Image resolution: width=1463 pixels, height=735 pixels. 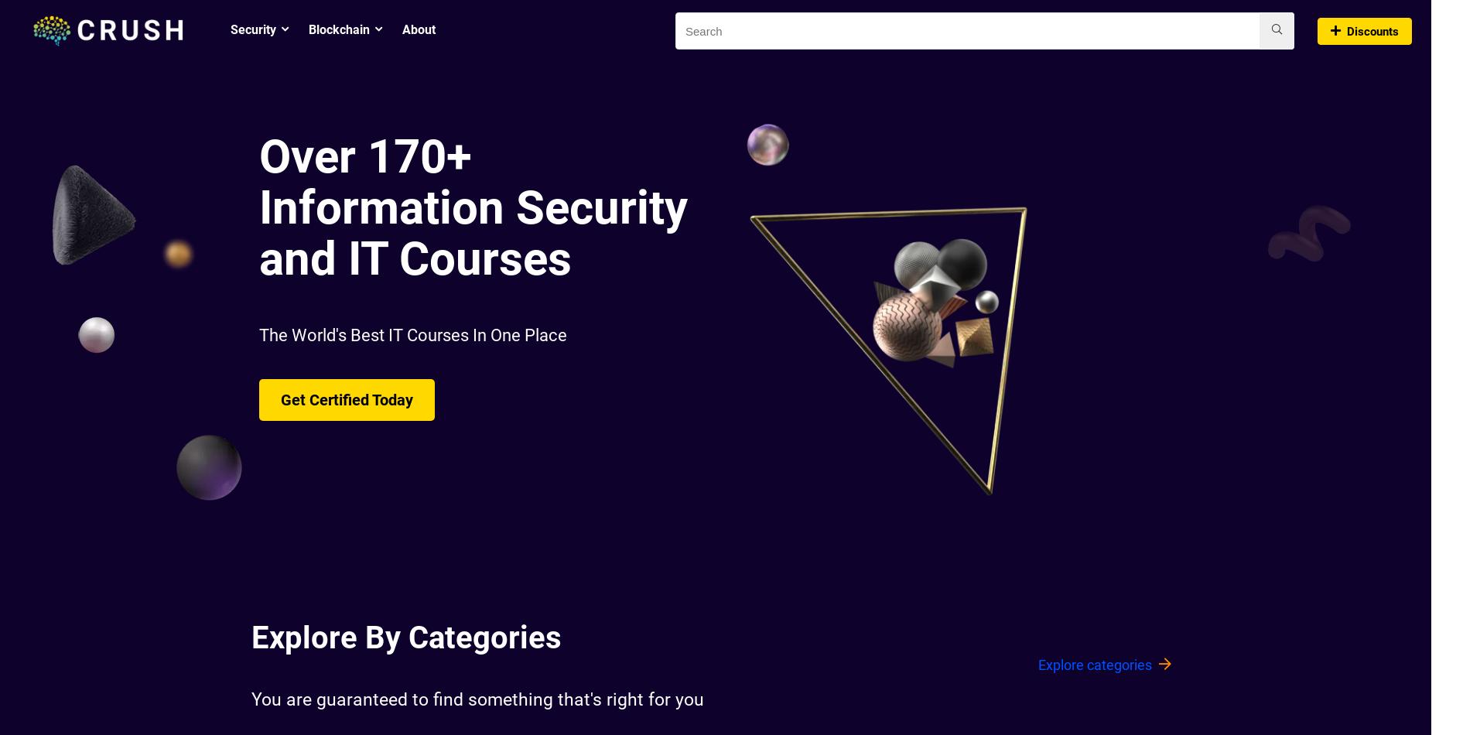 What do you see at coordinates (405, 637) in the screenshot?
I see `'Explore By Categories'` at bounding box center [405, 637].